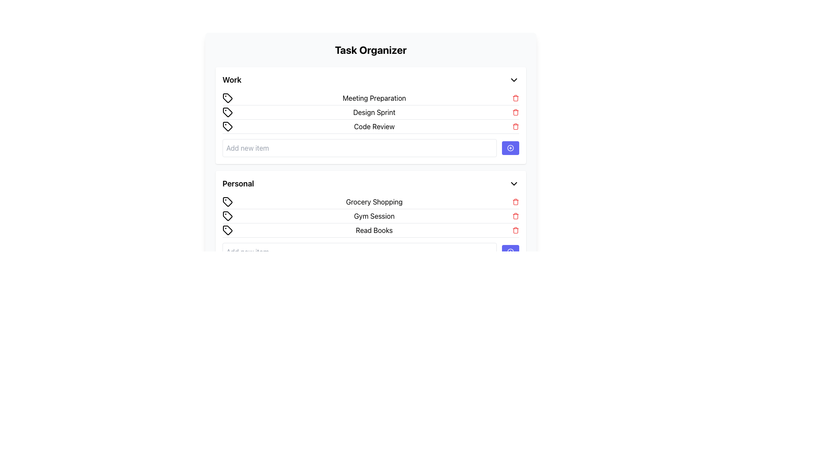  I want to click on the part of the tag icon that is diamond-shaped with a circular cut-out, located to the left of the 'Design Sprint' text in the 'Task Organizer' interface, so click(228, 112).